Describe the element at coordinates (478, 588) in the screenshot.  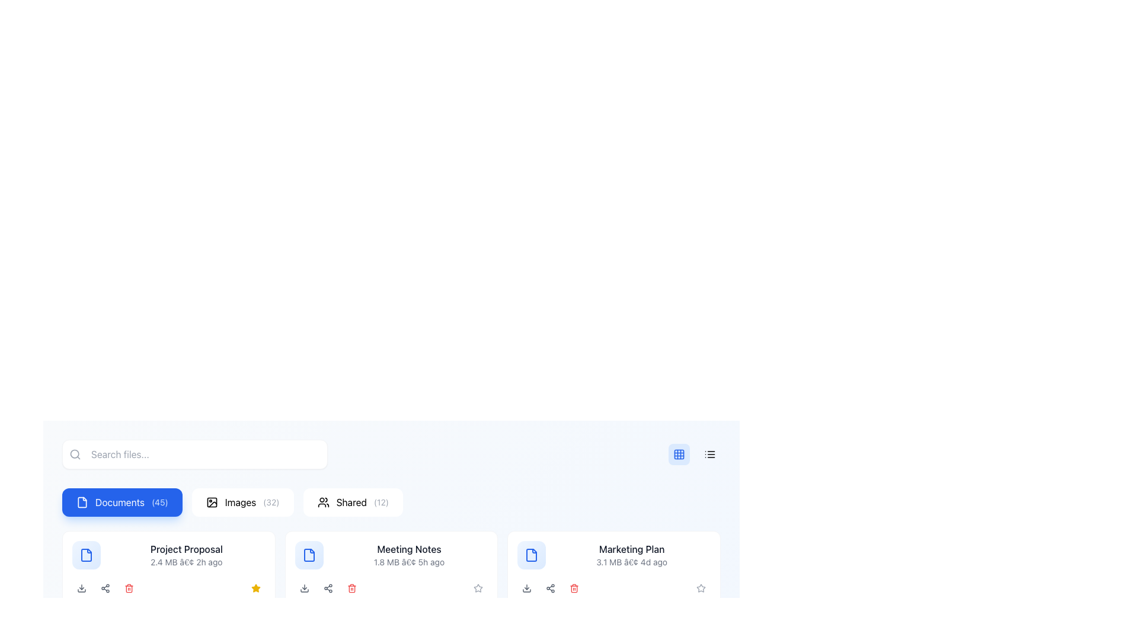
I see `the star icon at the bottom right of the 'Marketing Plan' card` at that location.